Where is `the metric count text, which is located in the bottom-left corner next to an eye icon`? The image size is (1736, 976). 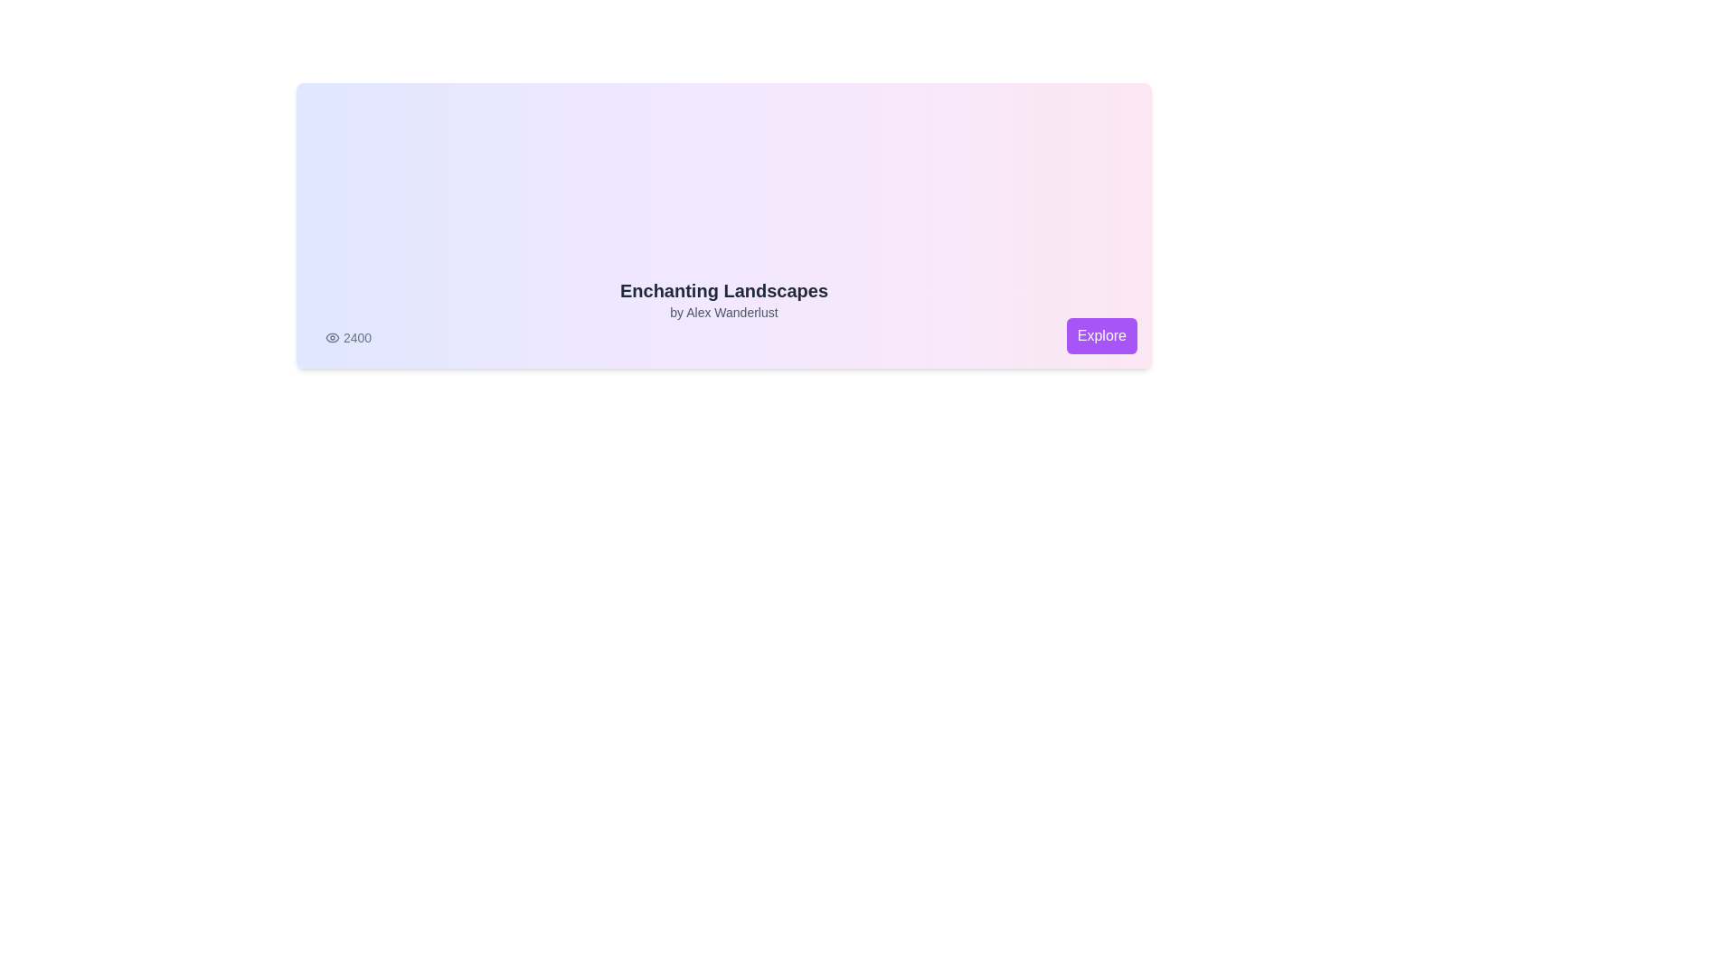
the metric count text, which is located in the bottom-left corner next to an eye icon is located at coordinates (348, 338).